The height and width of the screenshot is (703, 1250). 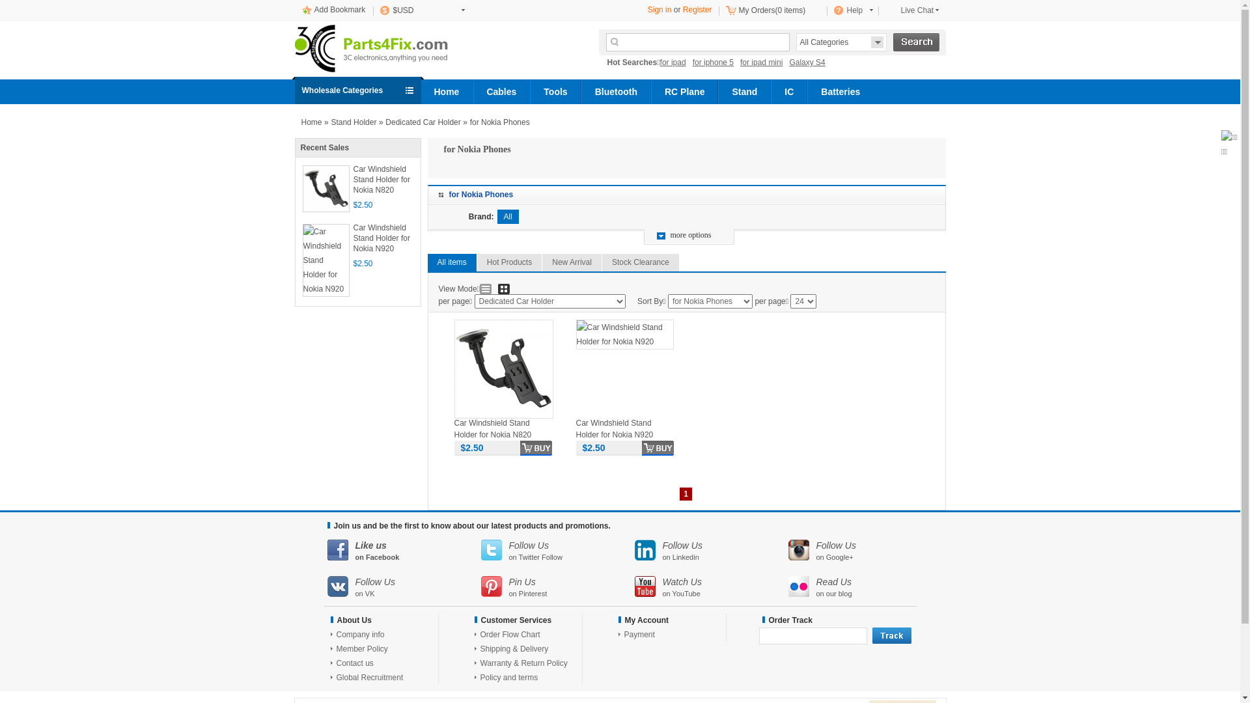 What do you see at coordinates (615, 91) in the screenshot?
I see `'Bluetooth'` at bounding box center [615, 91].